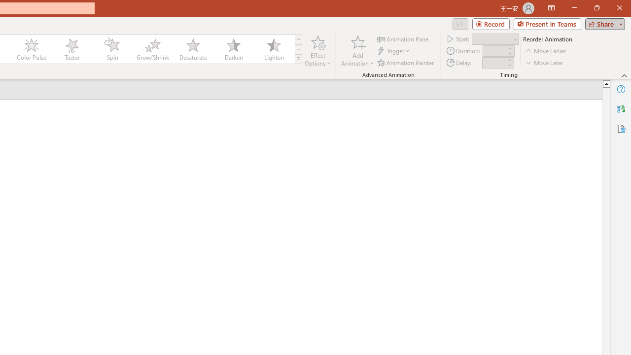 Image resolution: width=631 pixels, height=355 pixels. What do you see at coordinates (233, 49) in the screenshot?
I see `'Darken'` at bounding box center [233, 49].